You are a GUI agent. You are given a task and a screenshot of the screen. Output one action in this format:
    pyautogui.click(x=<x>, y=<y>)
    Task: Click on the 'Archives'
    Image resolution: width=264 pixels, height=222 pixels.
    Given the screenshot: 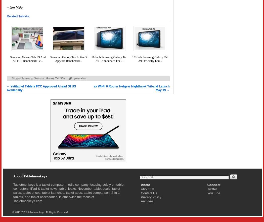 What is the action you would take?
    pyautogui.click(x=147, y=201)
    